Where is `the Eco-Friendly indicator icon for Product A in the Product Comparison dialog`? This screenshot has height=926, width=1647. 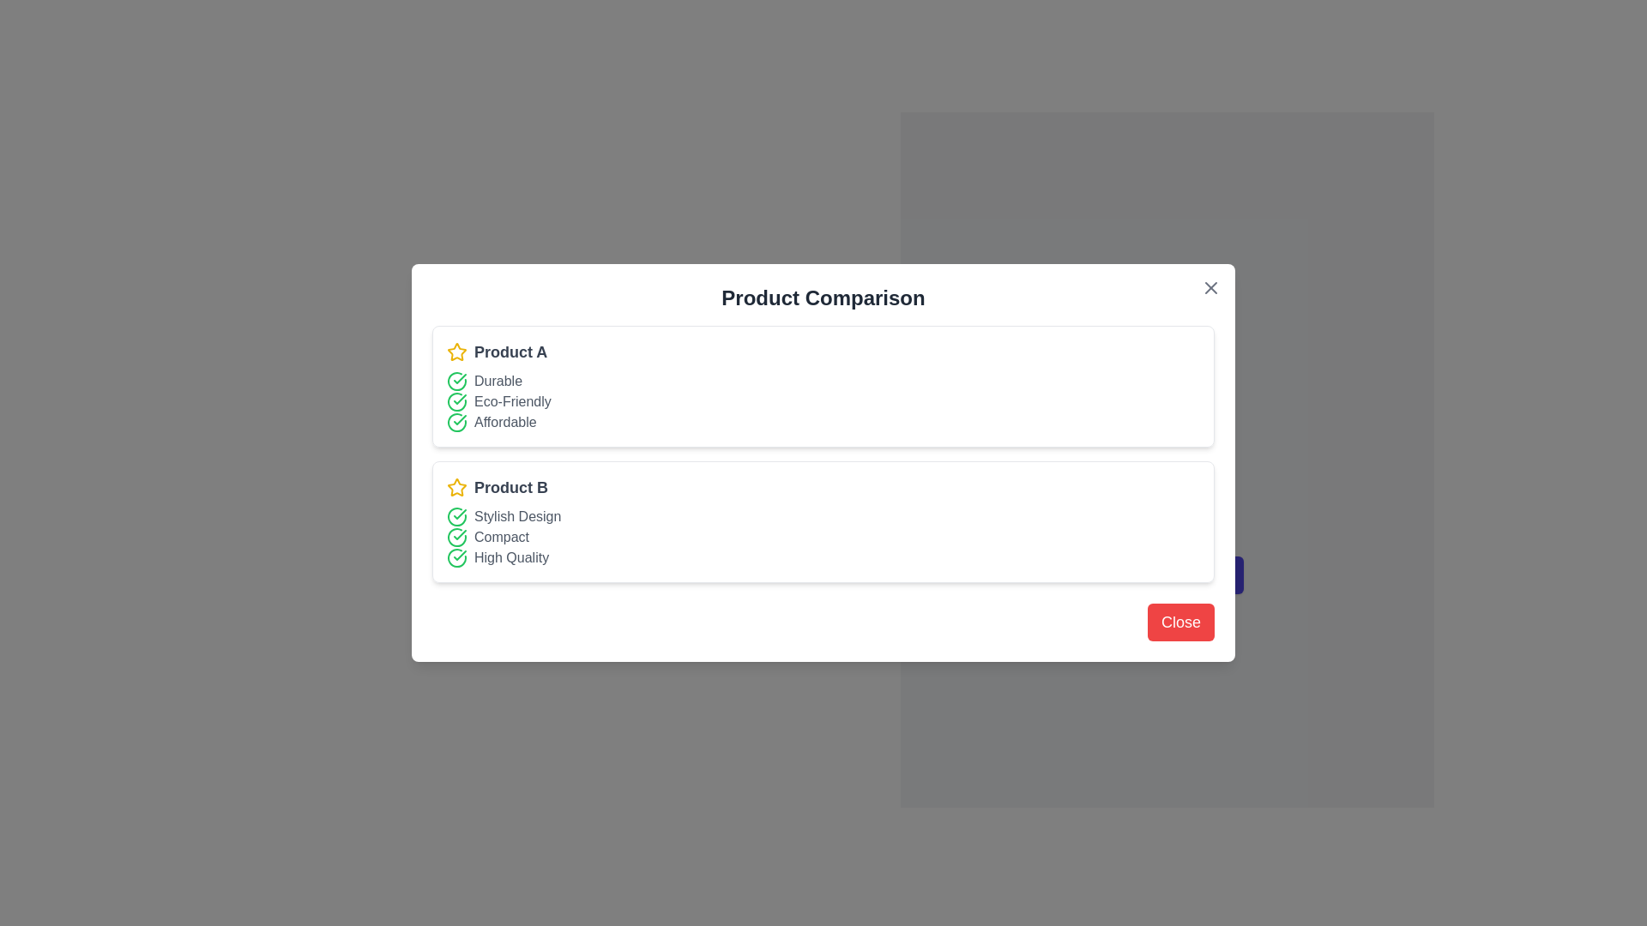 the Eco-Friendly indicator icon for Product A in the Product Comparison dialog is located at coordinates (456, 402).